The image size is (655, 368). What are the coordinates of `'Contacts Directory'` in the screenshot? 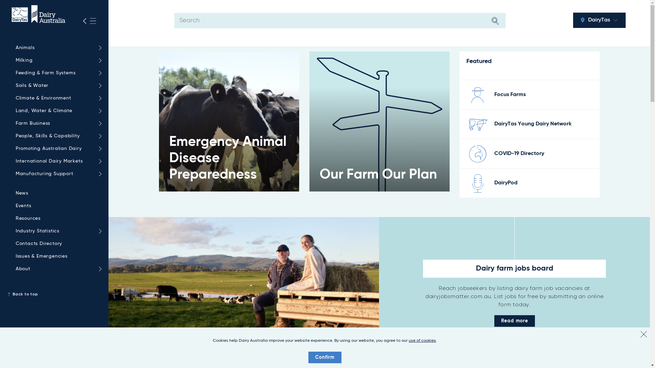 It's located at (57, 243).